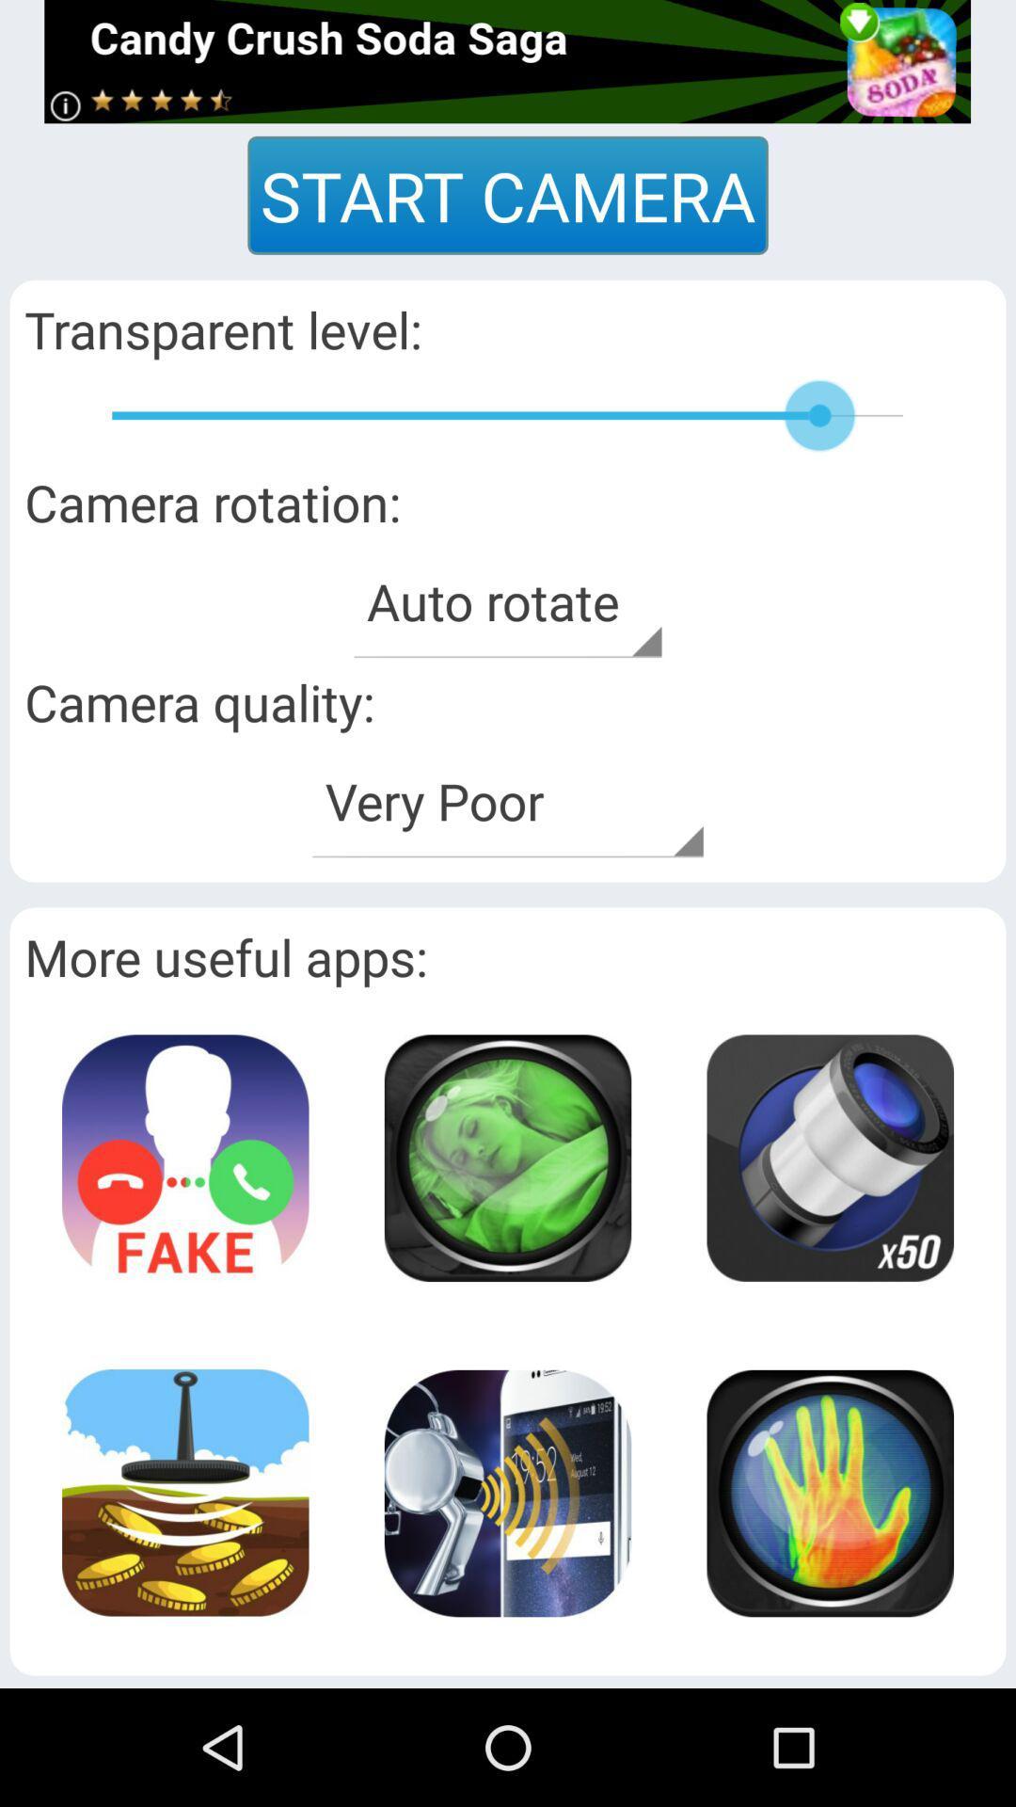  What do you see at coordinates (185, 1492) in the screenshot?
I see `icon page` at bounding box center [185, 1492].